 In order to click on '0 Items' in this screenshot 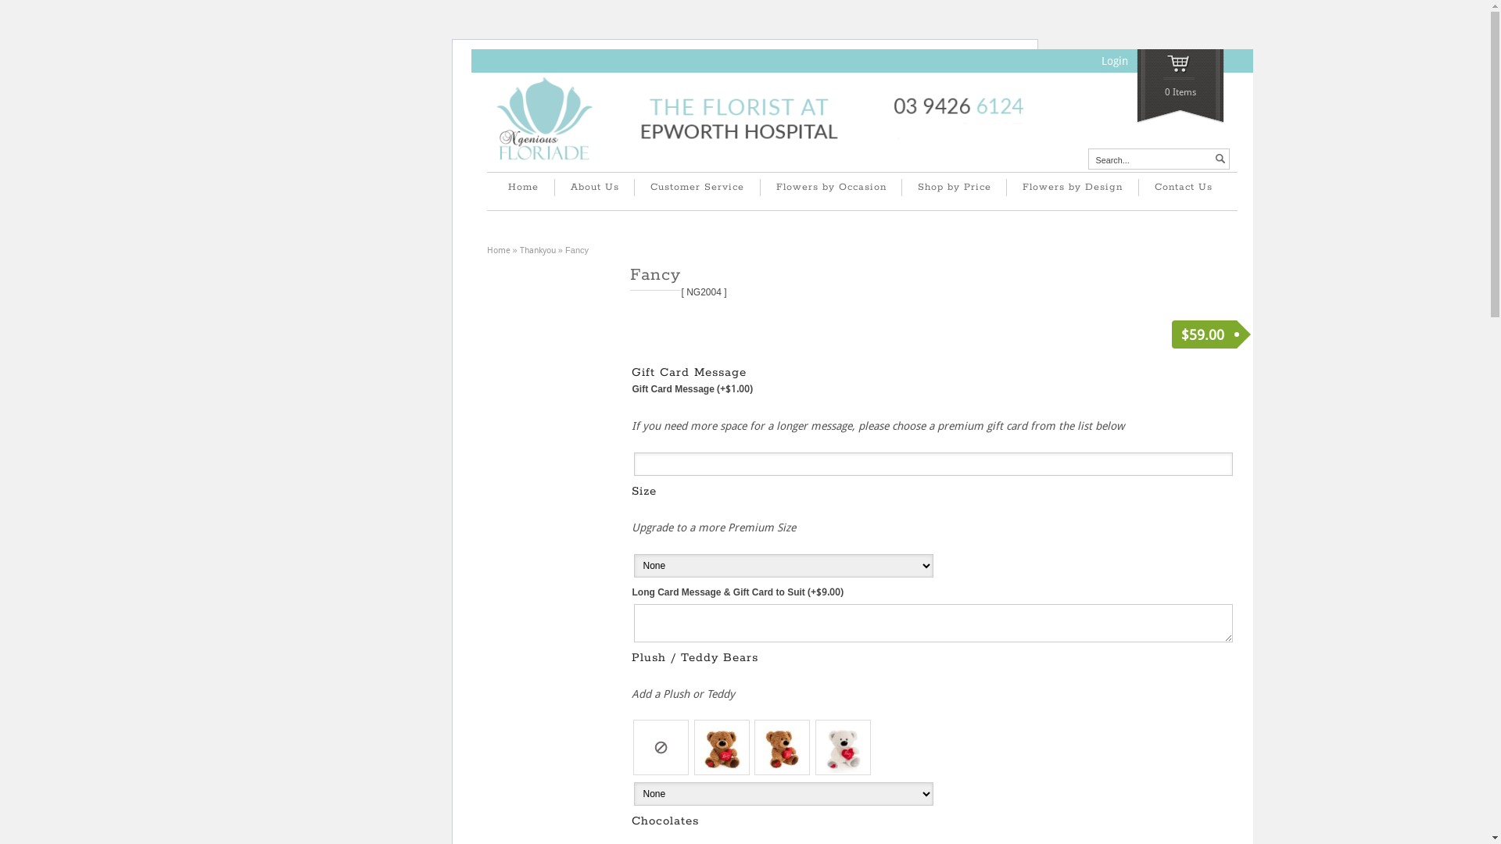, I will do `click(1137, 86)`.